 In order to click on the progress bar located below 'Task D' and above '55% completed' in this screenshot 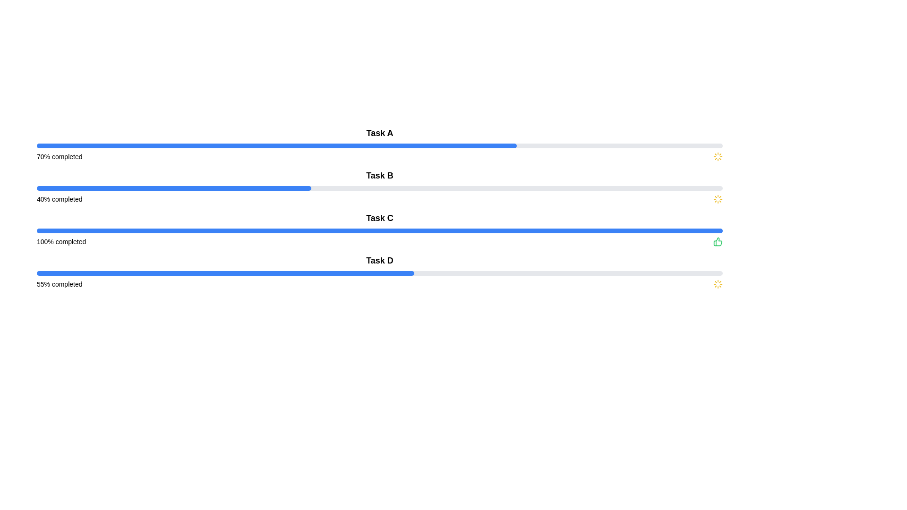, I will do `click(380, 273)`.